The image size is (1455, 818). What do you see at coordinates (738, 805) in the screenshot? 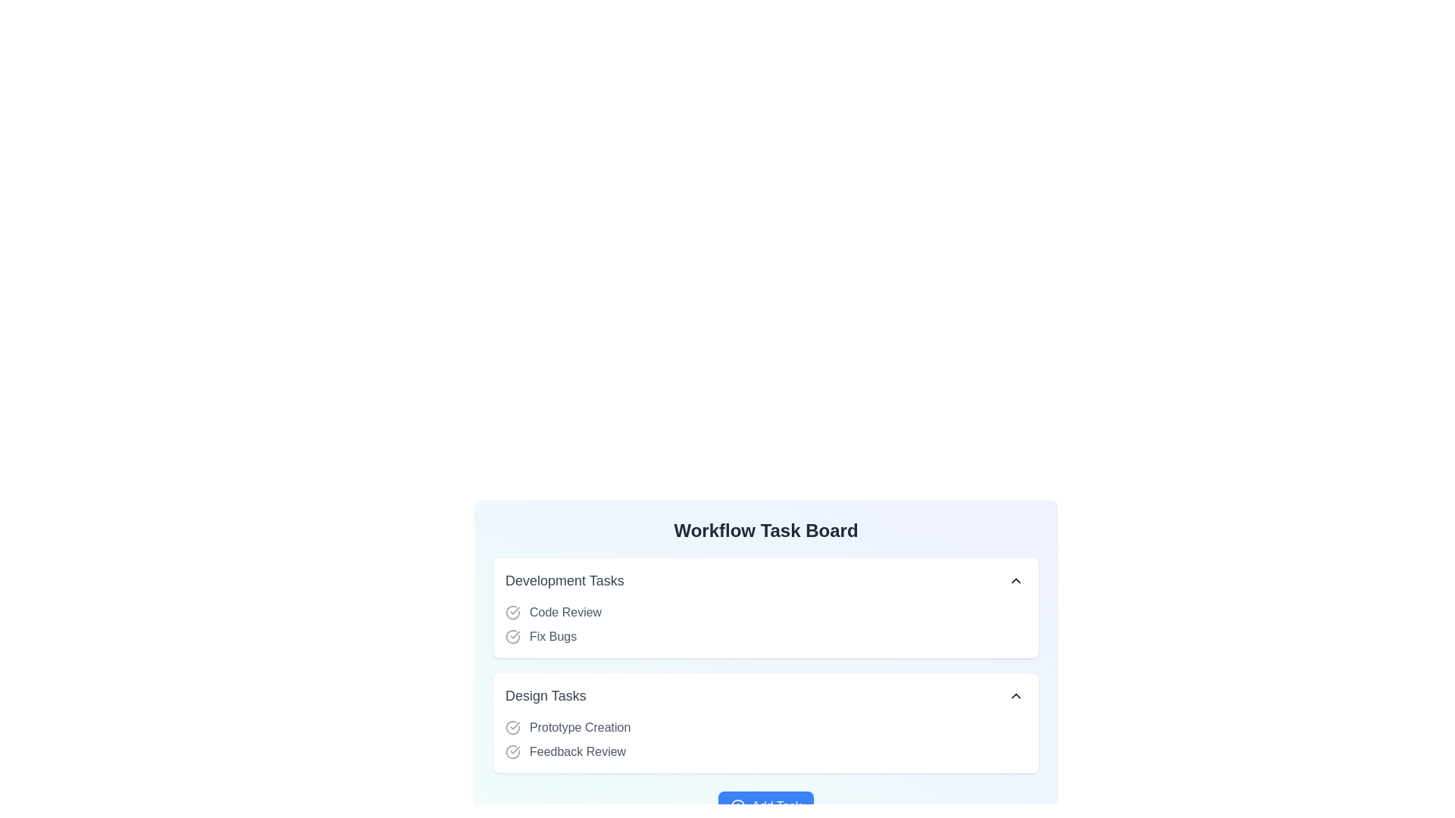
I see `the circular icon with a plus sign inside it, which is located to the left of the 'Add Task' button label` at bounding box center [738, 805].